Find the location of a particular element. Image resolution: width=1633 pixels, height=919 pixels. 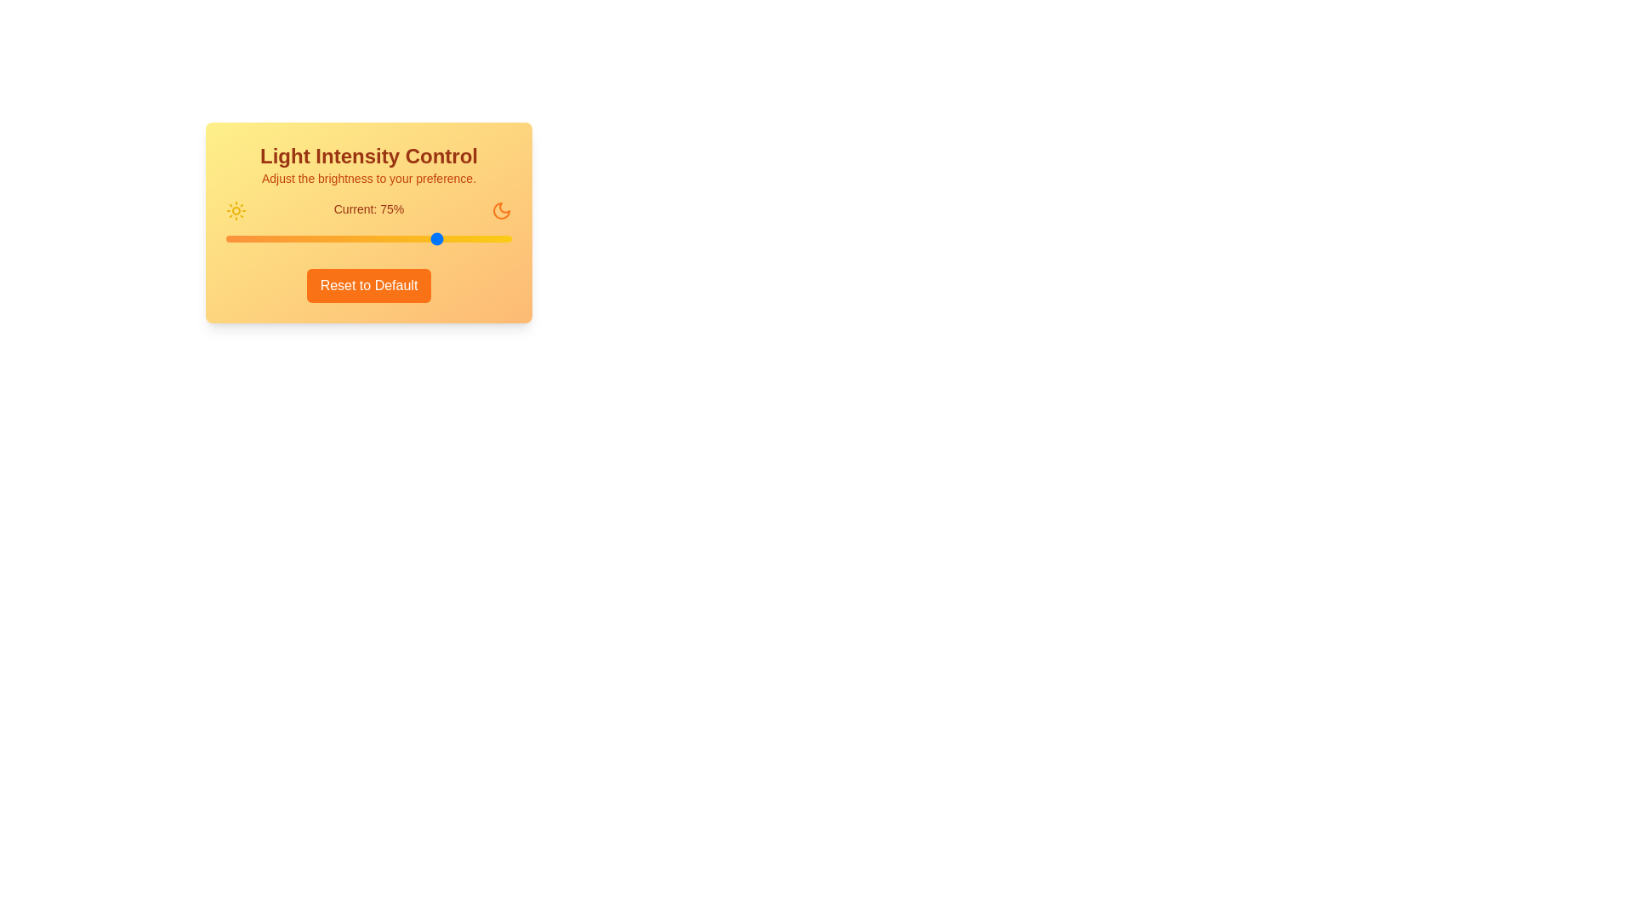

the light intensity to 19% by interacting with the slider is located at coordinates (280, 239).